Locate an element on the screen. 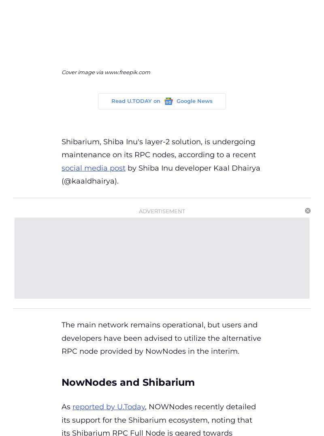 This screenshot has width=324, height=436. 'Read U.TODAY on' is located at coordinates (136, 100).